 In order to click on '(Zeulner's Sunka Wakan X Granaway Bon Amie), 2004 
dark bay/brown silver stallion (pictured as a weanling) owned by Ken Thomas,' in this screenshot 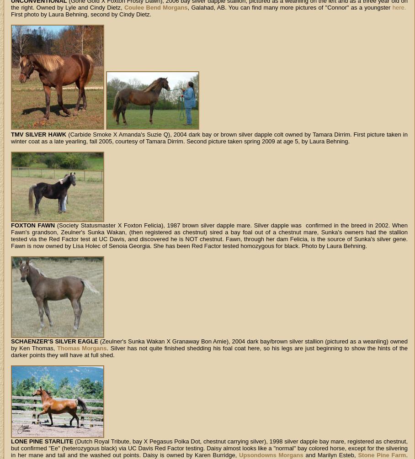, I will do `click(208, 344)`.